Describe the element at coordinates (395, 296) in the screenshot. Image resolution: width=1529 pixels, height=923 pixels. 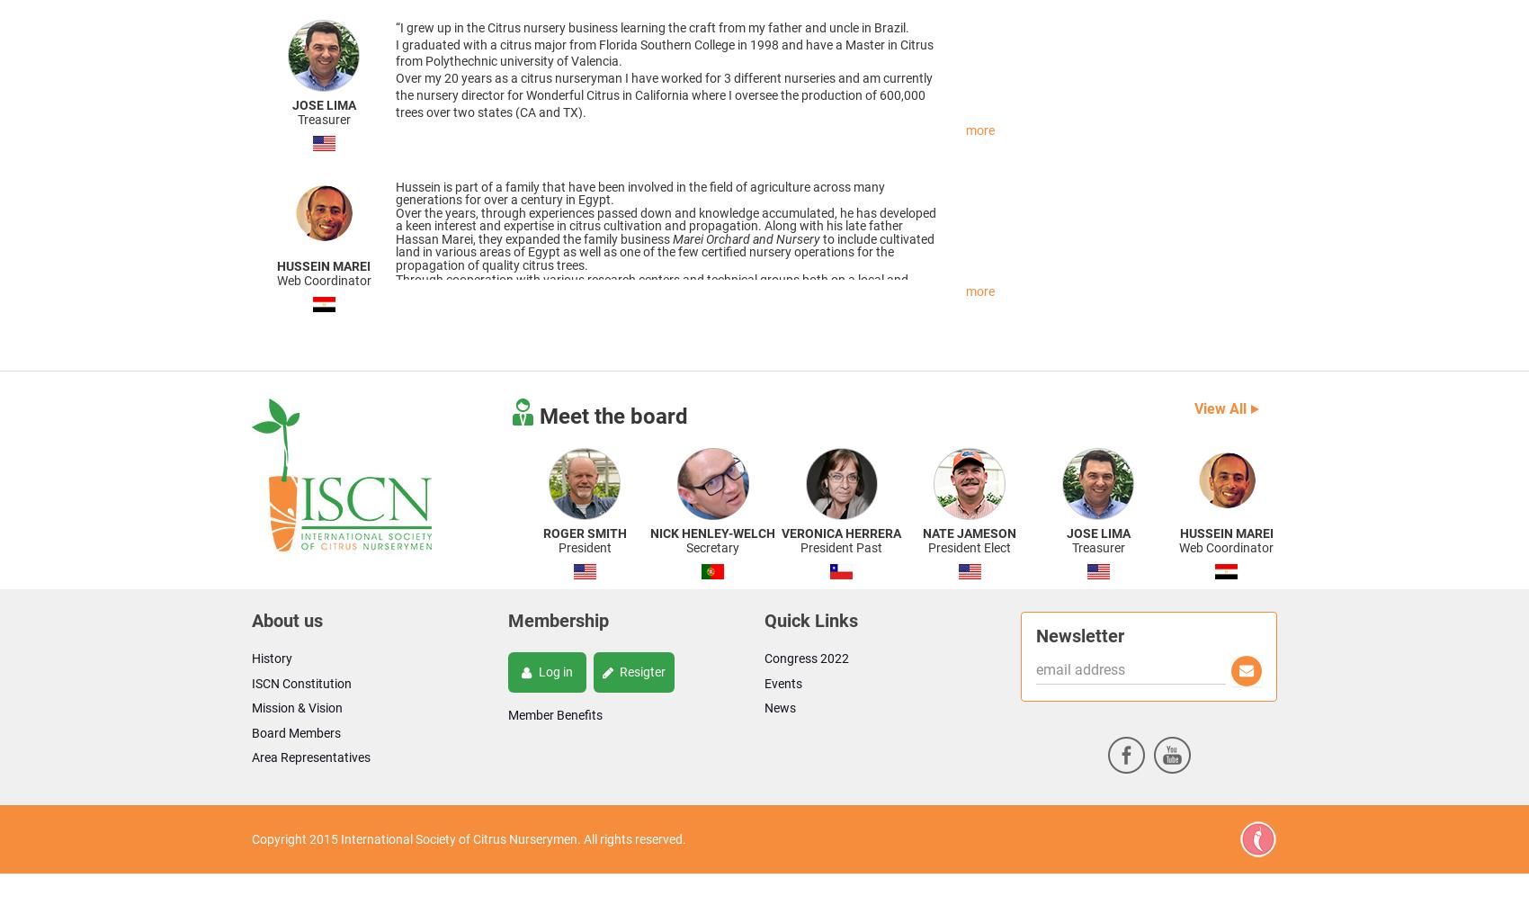
I see `'Through cooperation with various research centers and technical groups both on a local and international level Marei is always striving to be on the forefront of new technologies and innovations to advance the sector in Egypt.'` at that location.